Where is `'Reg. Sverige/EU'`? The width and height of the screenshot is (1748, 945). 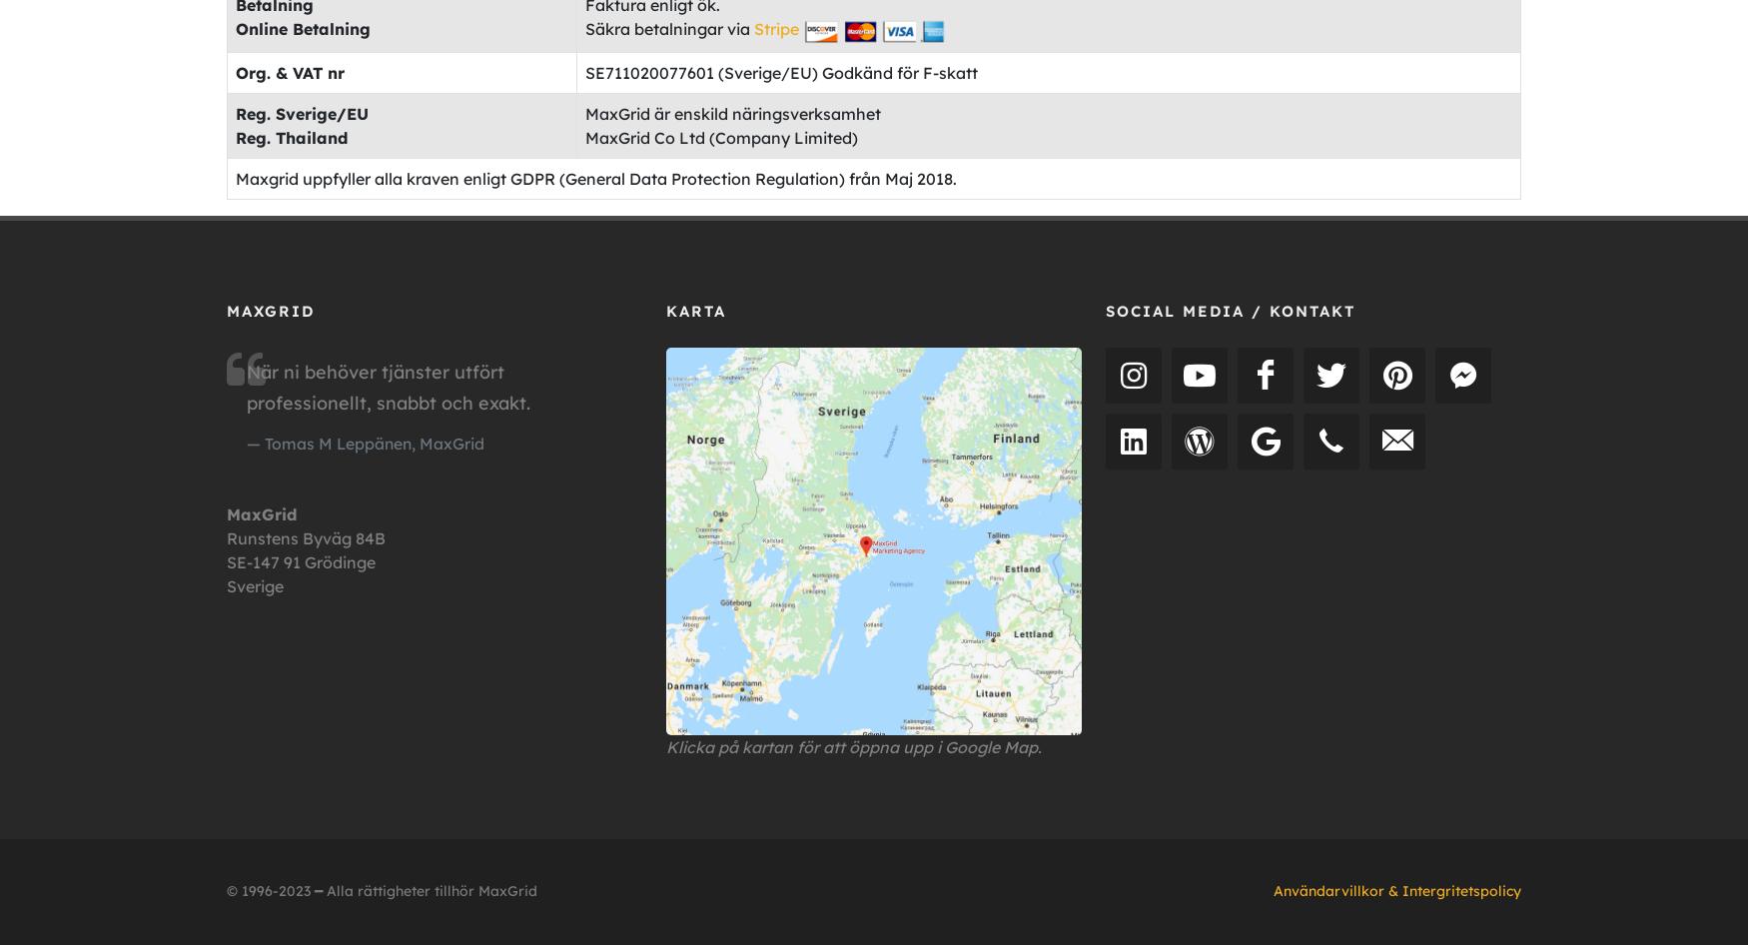 'Reg. Sverige/EU' is located at coordinates (301, 112).